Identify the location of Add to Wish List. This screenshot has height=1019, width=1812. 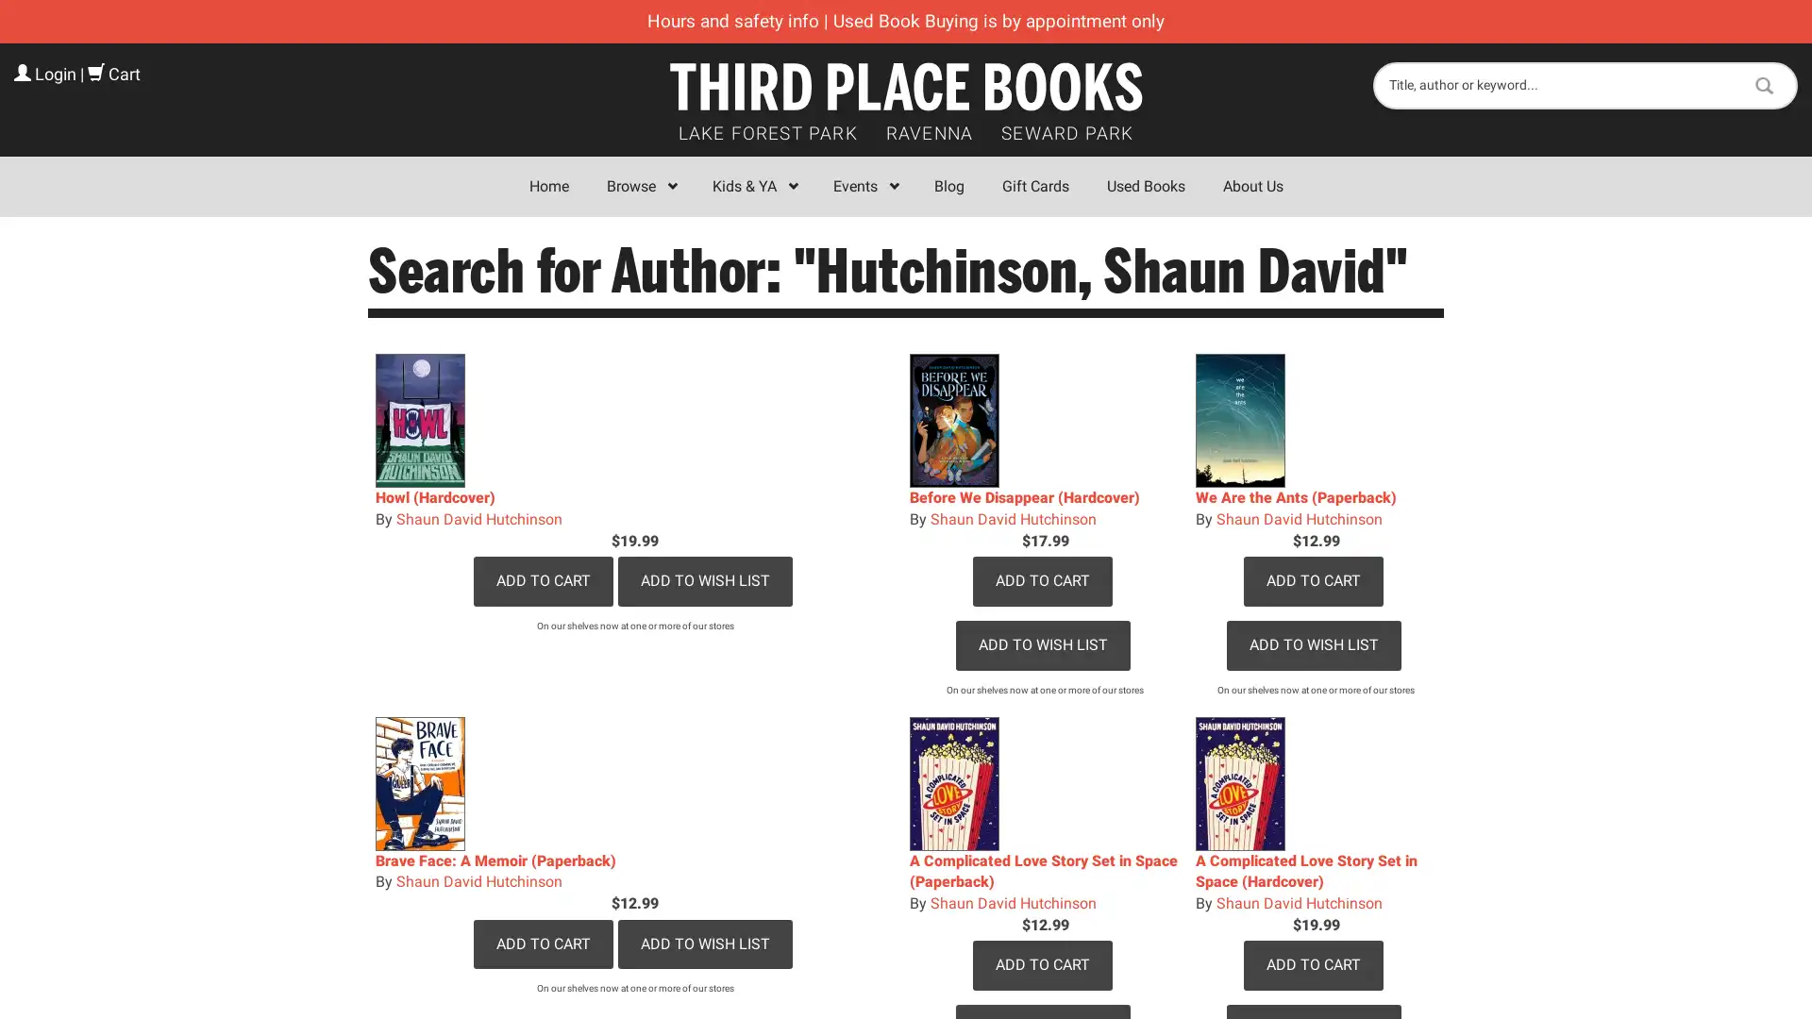
(703, 580).